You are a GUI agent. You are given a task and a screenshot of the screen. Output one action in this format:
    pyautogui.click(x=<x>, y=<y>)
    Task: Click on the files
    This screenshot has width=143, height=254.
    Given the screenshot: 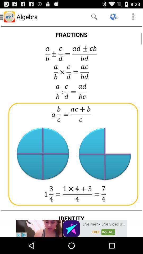 What is the action you would take?
    pyautogui.click(x=71, y=122)
    